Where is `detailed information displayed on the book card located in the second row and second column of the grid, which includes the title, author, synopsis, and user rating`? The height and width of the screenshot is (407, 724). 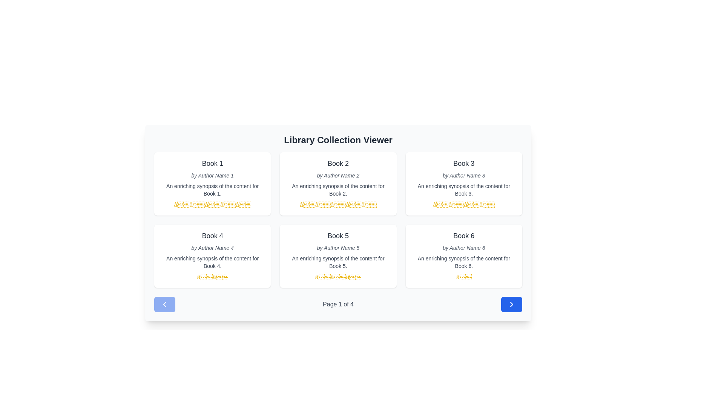
detailed information displayed on the book card located in the second row and second column of the grid, which includes the title, author, synopsis, and user rating is located at coordinates (338, 256).